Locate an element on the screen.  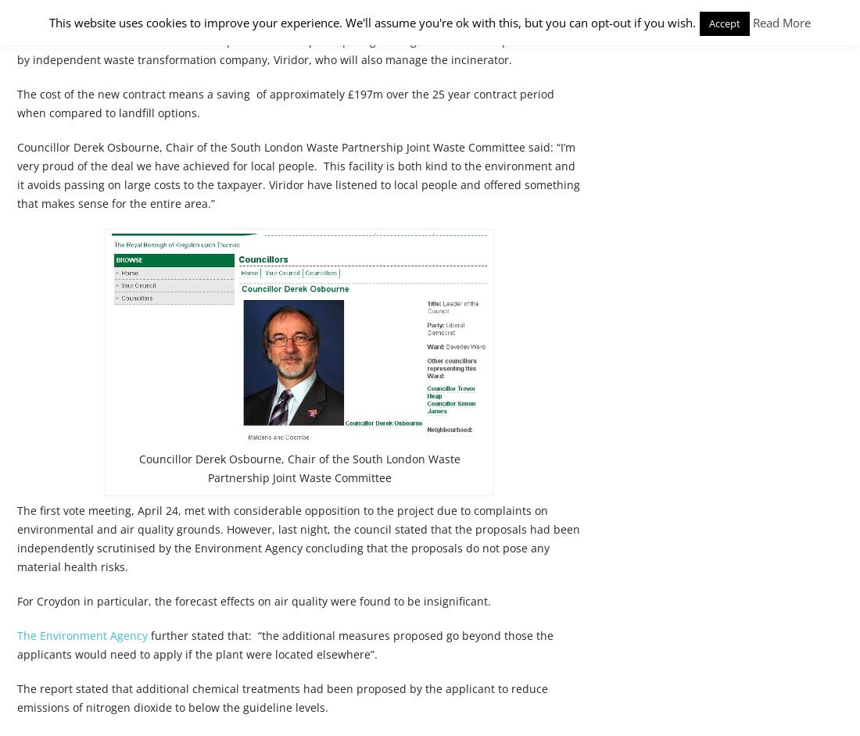
'The Environment Agency' is located at coordinates (82, 634).